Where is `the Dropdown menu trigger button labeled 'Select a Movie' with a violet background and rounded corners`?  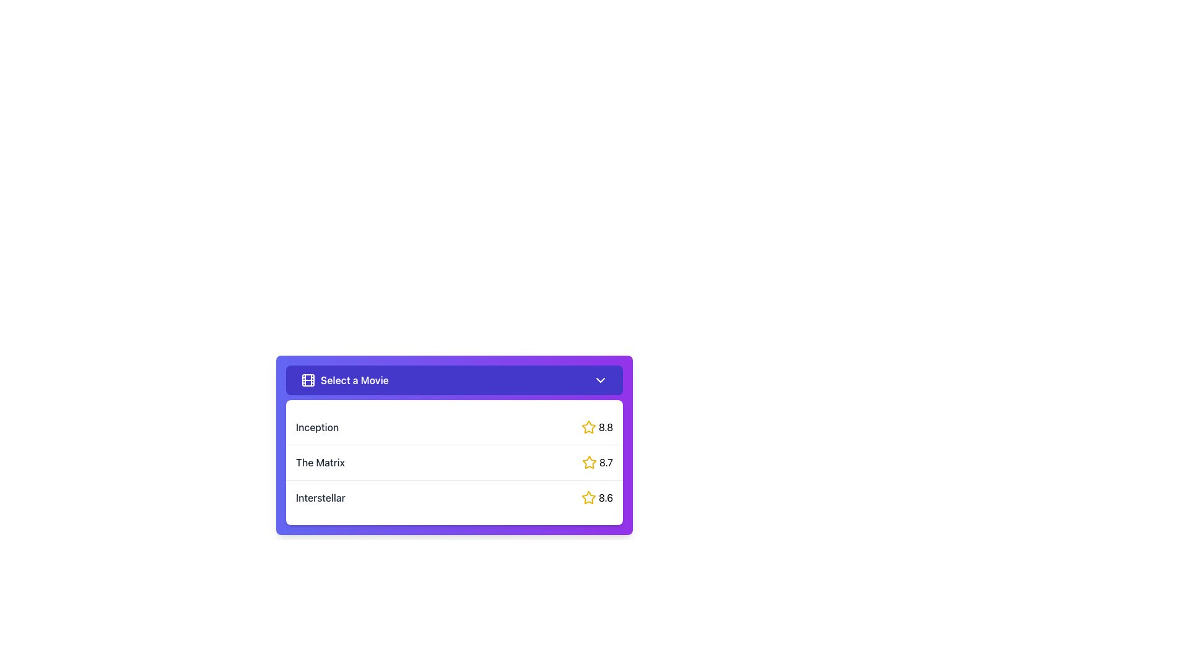 the Dropdown menu trigger button labeled 'Select a Movie' with a violet background and rounded corners is located at coordinates (454, 379).